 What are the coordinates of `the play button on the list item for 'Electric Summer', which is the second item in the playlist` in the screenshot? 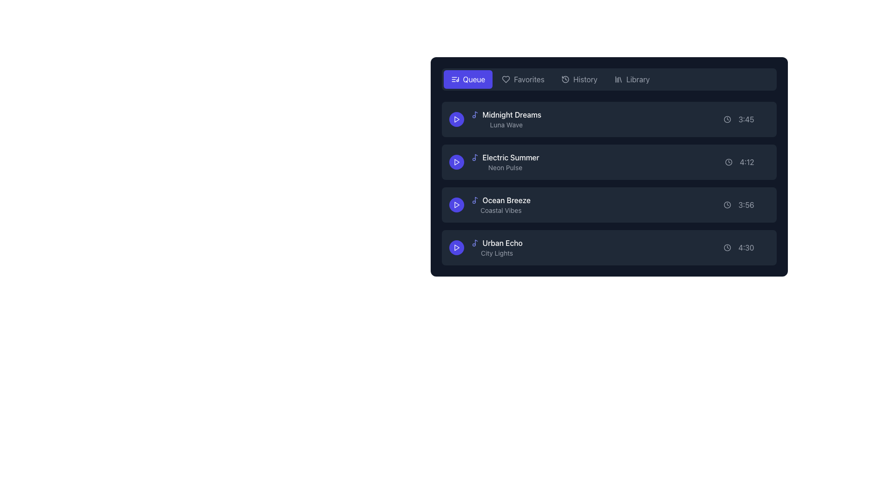 It's located at (609, 161).